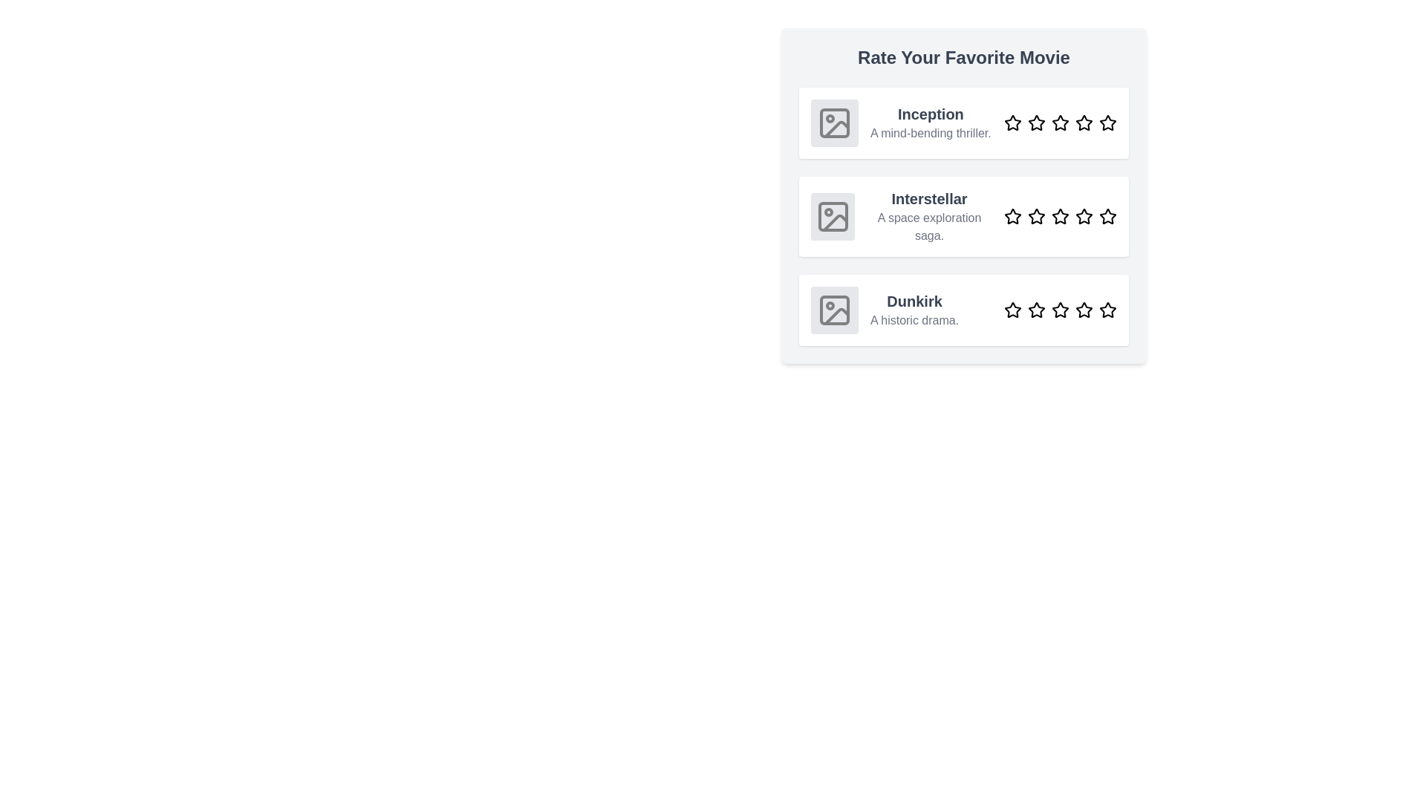 The height and width of the screenshot is (802, 1426). I want to click on the fifth star rating icon for the 'Inception' entry, which is styled in a stroke format and changes color upon interaction, so click(1108, 122).